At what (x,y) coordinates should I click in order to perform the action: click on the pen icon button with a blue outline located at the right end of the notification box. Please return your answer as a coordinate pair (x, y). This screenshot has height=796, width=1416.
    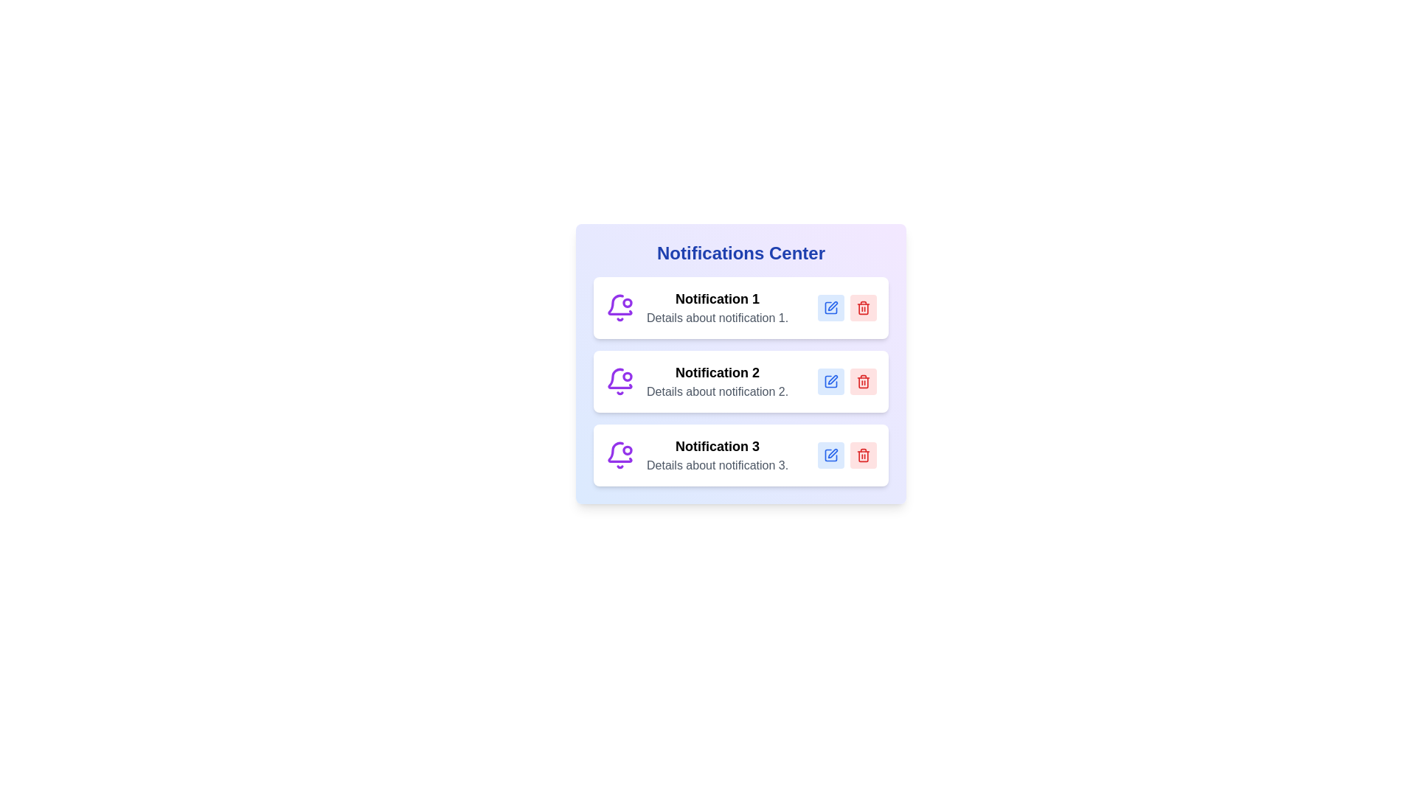
    Looking at the image, I should click on (831, 454).